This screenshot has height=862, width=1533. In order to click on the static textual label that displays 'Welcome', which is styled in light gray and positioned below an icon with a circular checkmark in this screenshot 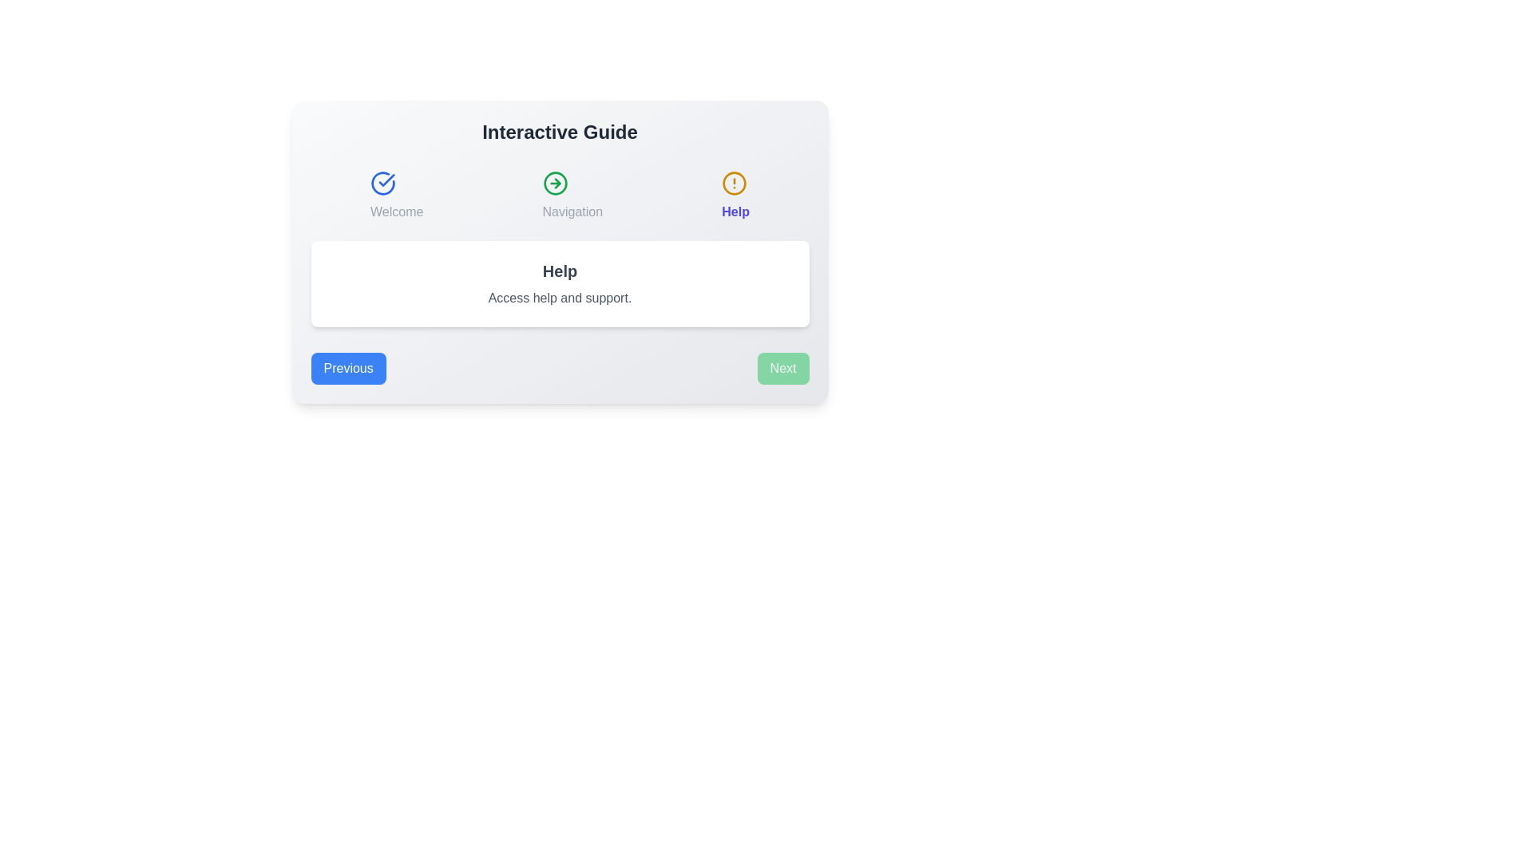, I will do `click(397, 212)`.